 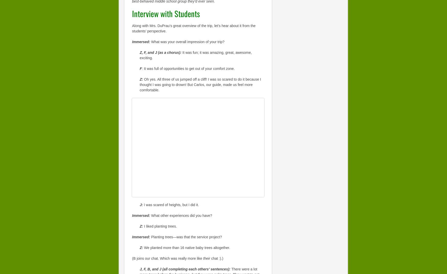 What do you see at coordinates (193, 28) in the screenshot?
I see `'Along with Mrs. DuPrau’s great overview of the trip, let’s hear about it from the students’ perspective.'` at bounding box center [193, 28].